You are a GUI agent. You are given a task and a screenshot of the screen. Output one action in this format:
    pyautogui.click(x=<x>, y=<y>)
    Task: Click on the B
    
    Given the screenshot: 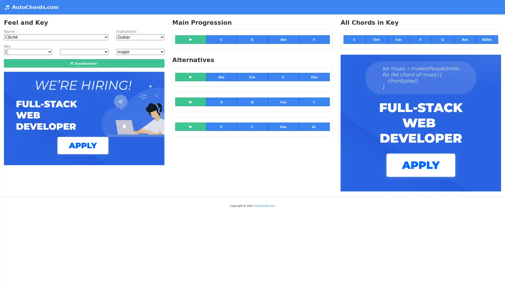 What is the action you would take?
    pyautogui.click(x=314, y=126)
    